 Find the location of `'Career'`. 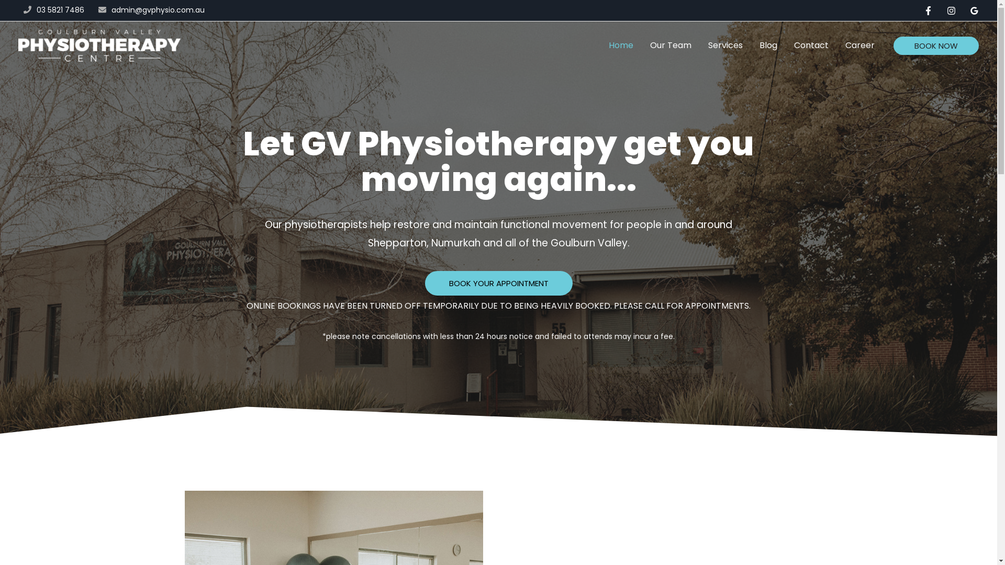

'Career' is located at coordinates (859, 45).